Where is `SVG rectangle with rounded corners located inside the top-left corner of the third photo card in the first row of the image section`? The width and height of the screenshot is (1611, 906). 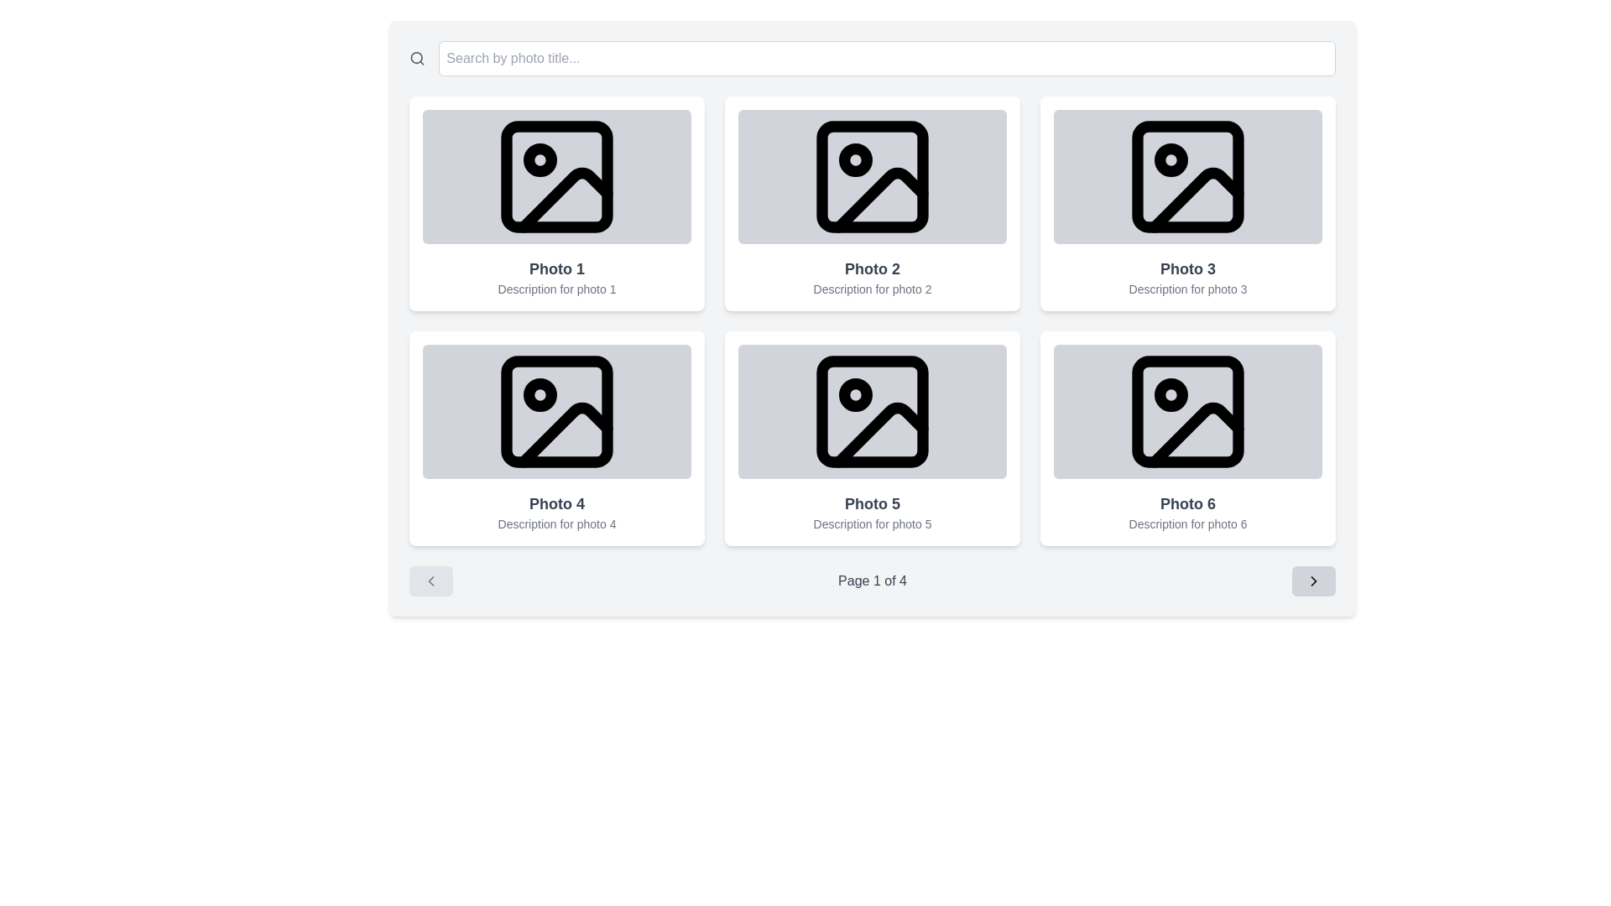
SVG rectangle with rounded corners located inside the top-left corner of the third photo card in the first row of the image section is located at coordinates (1187, 177).